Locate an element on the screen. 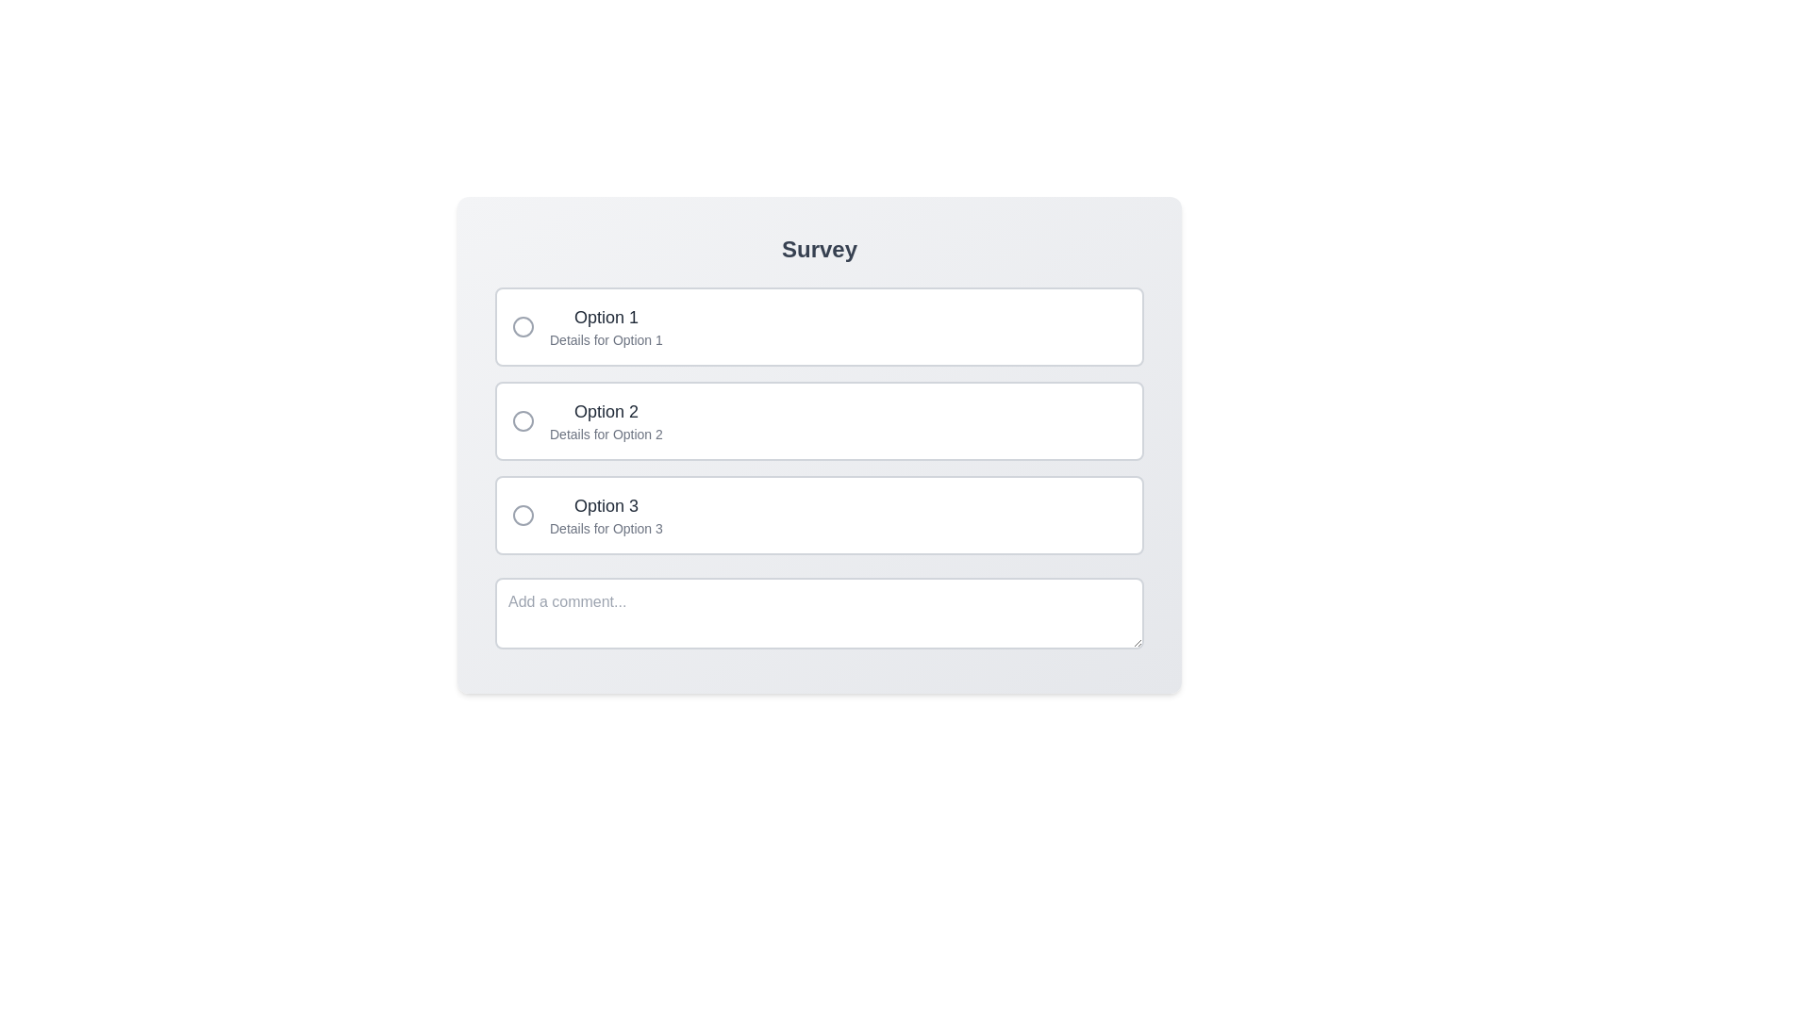 The height and width of the screenshot is (1018, 1811). the small, gray text label reading 'Details for Option 3', which is located beneath the bold 'Option 3' title in the vertical list of options is located at coordinates (606, 528).